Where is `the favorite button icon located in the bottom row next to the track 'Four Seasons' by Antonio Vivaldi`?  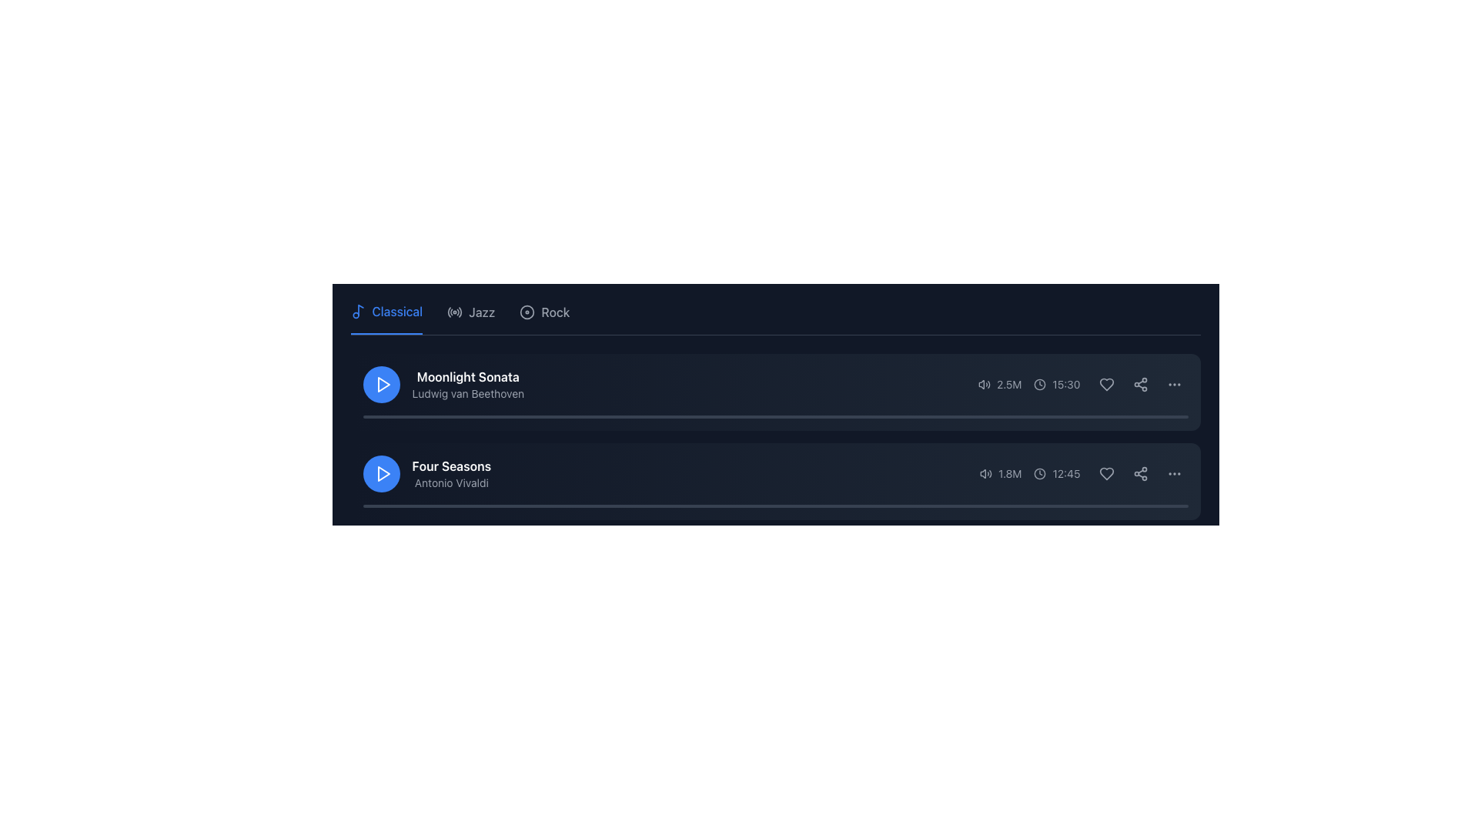 the favorite button icon located in the bottom row next to the track 'Four Seasons' by Antonio Vivaldi is located at coordinates (1105, 473).